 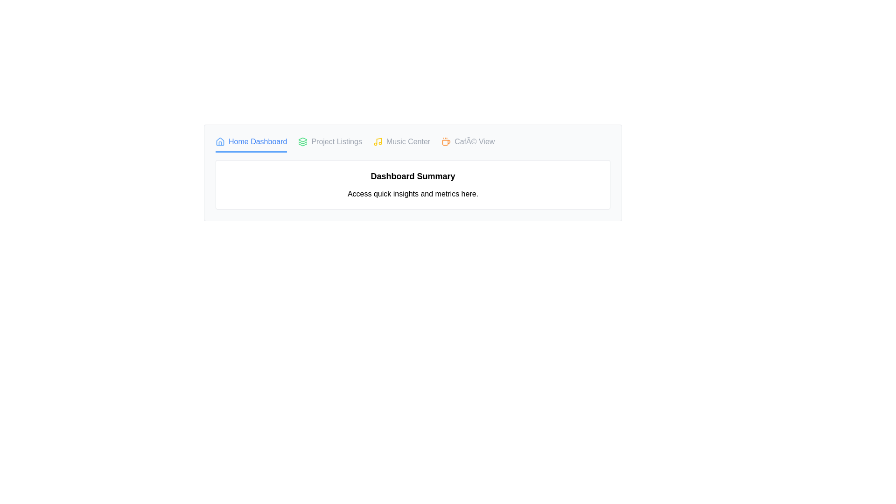 What do you see at coordinates (412, 176) in the screenshot?
I see `the heading text label that provides context for the section, positioned above the text 'Access quick insights and metrics here.'` at bounding box center [412, 176].